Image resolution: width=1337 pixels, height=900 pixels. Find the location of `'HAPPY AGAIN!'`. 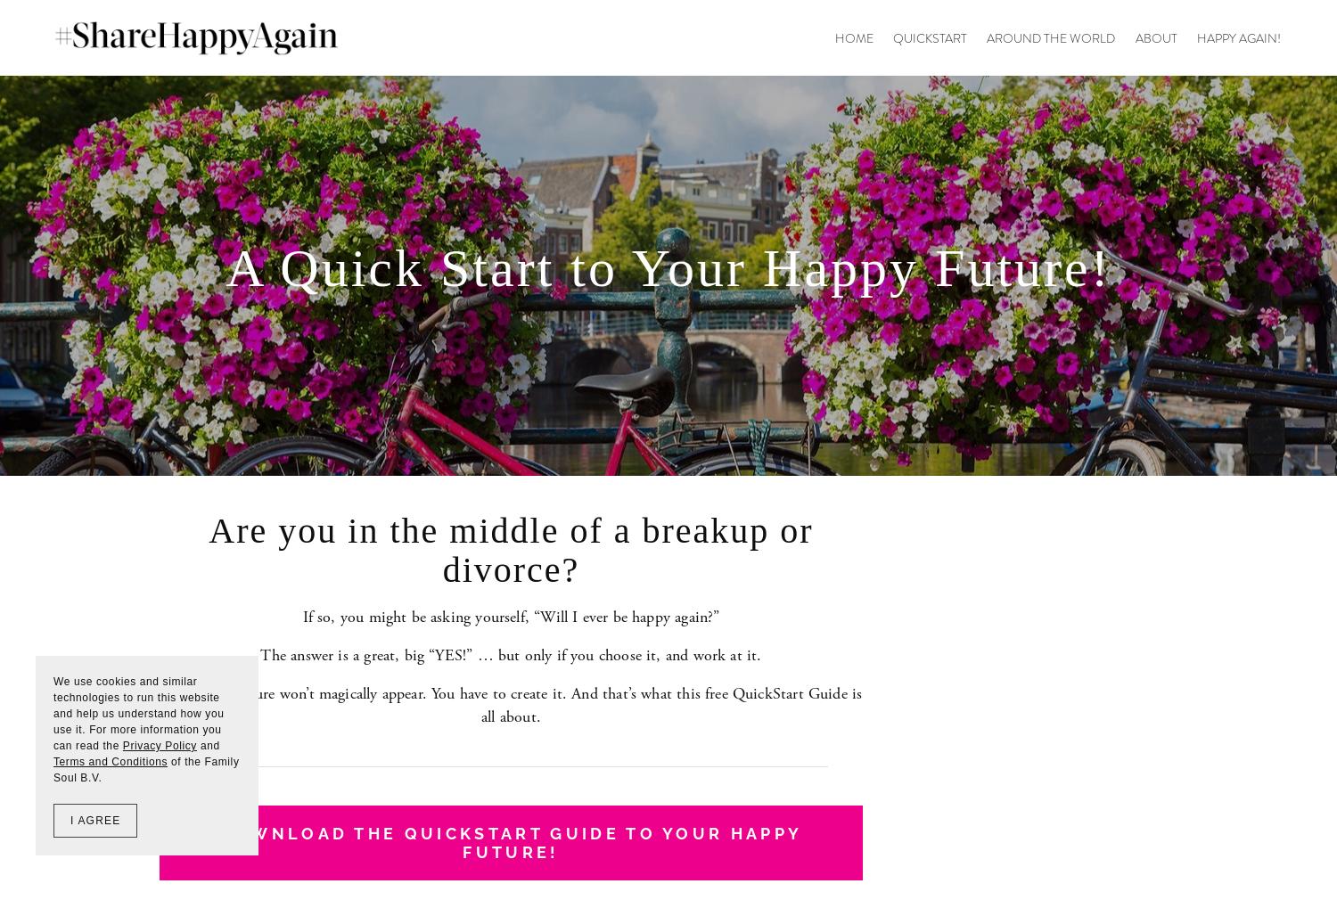

'HAPPY AGAIN!' is located at coordinates (1239, 37).